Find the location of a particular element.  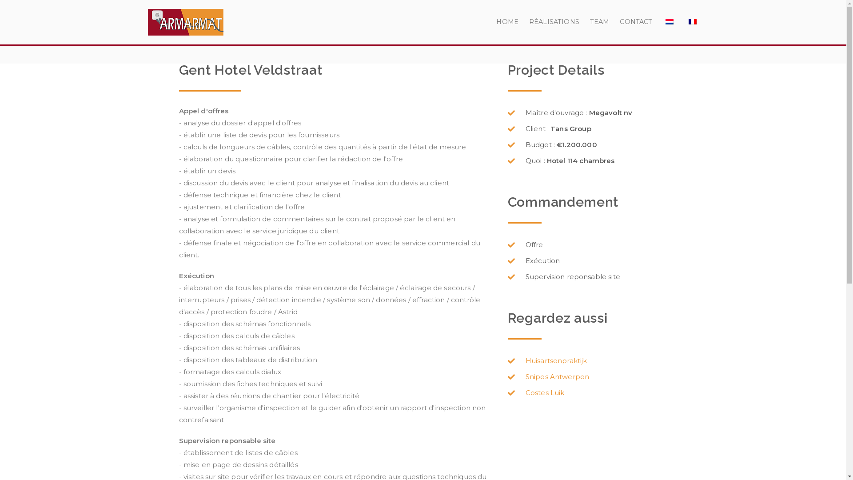

'TEAM' is located at coordinates (599, 22).